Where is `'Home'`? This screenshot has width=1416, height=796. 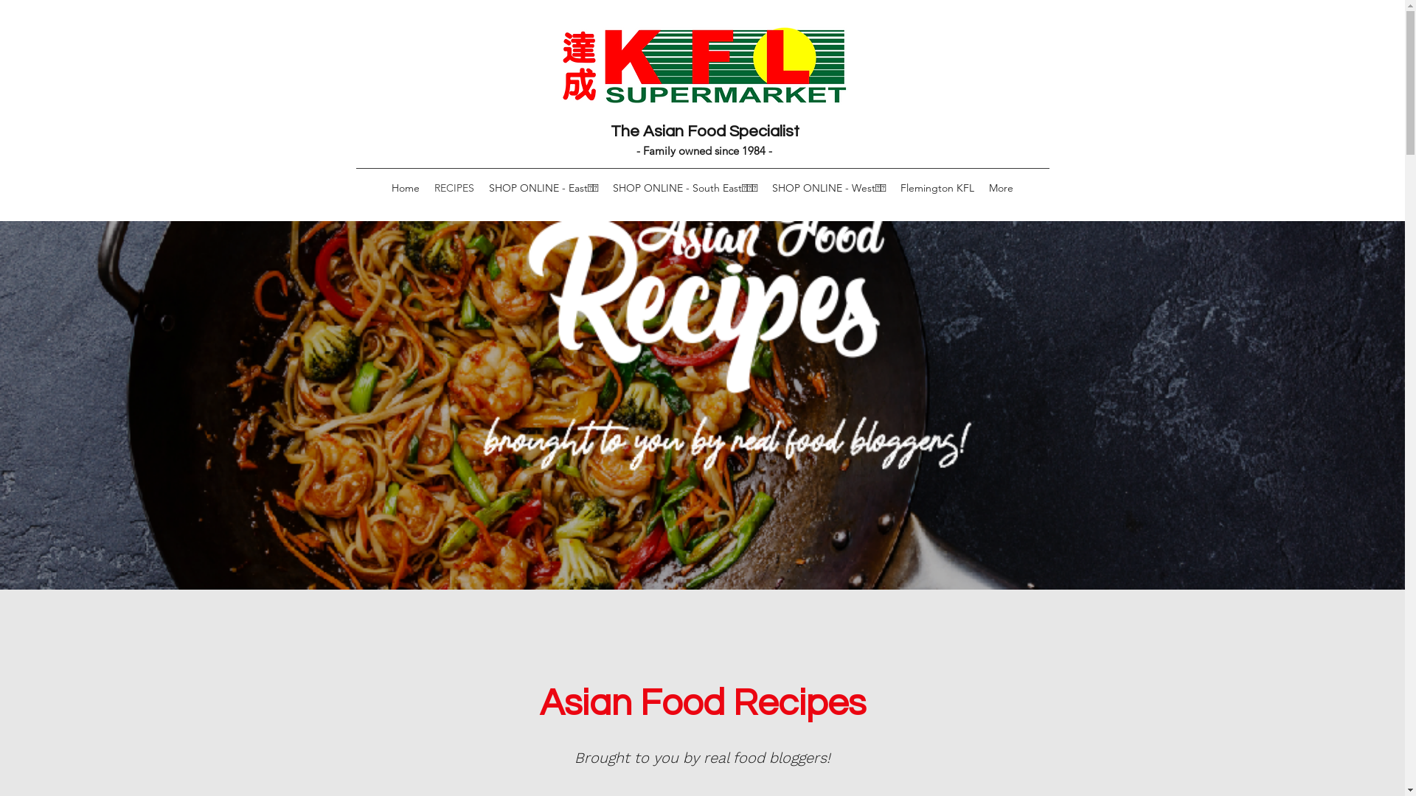 'Home' is located at coordinates (406, 186).